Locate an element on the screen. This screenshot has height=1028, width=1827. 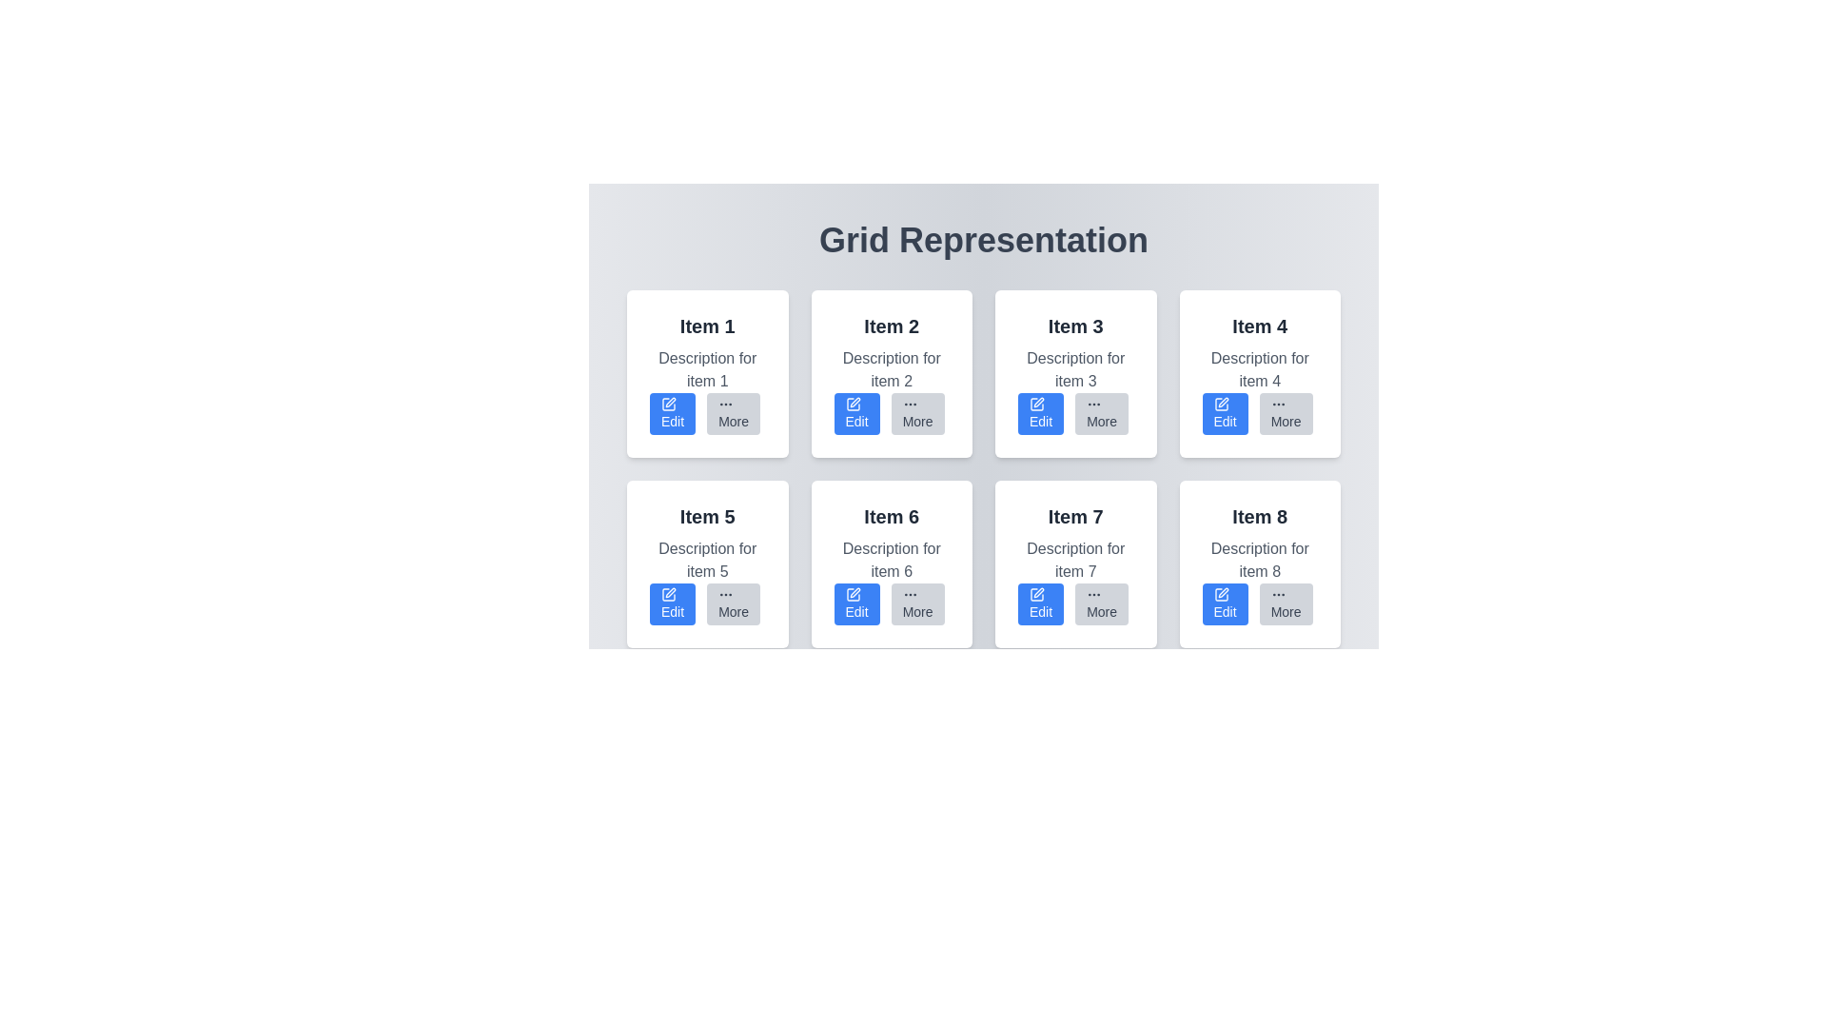
the edit icon resembling a pen or pencil located within the 'Edit' button beneath 'Item 2 Description for item 2' to initiate the edit action is located at coordinates (852, 403).